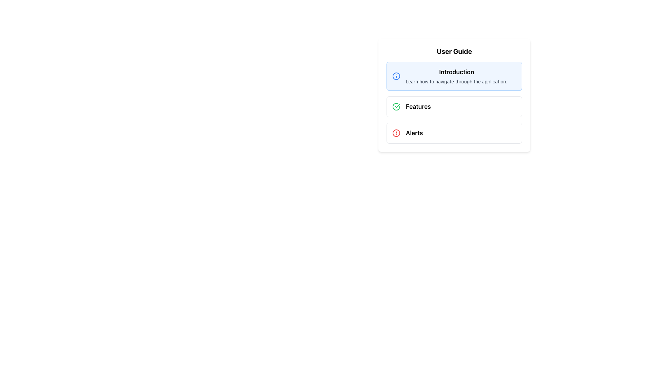 Image resolution: width=651 pixels, height=366 pixels. Describe the element at coordinates (456, 76) in the screenshot. I see `text block titled 'Introduction' with subtitle 'Learn how to navigate through the application.' located in the first card of the 'User Guide' section, positioned to the right of an information icon` at that location.